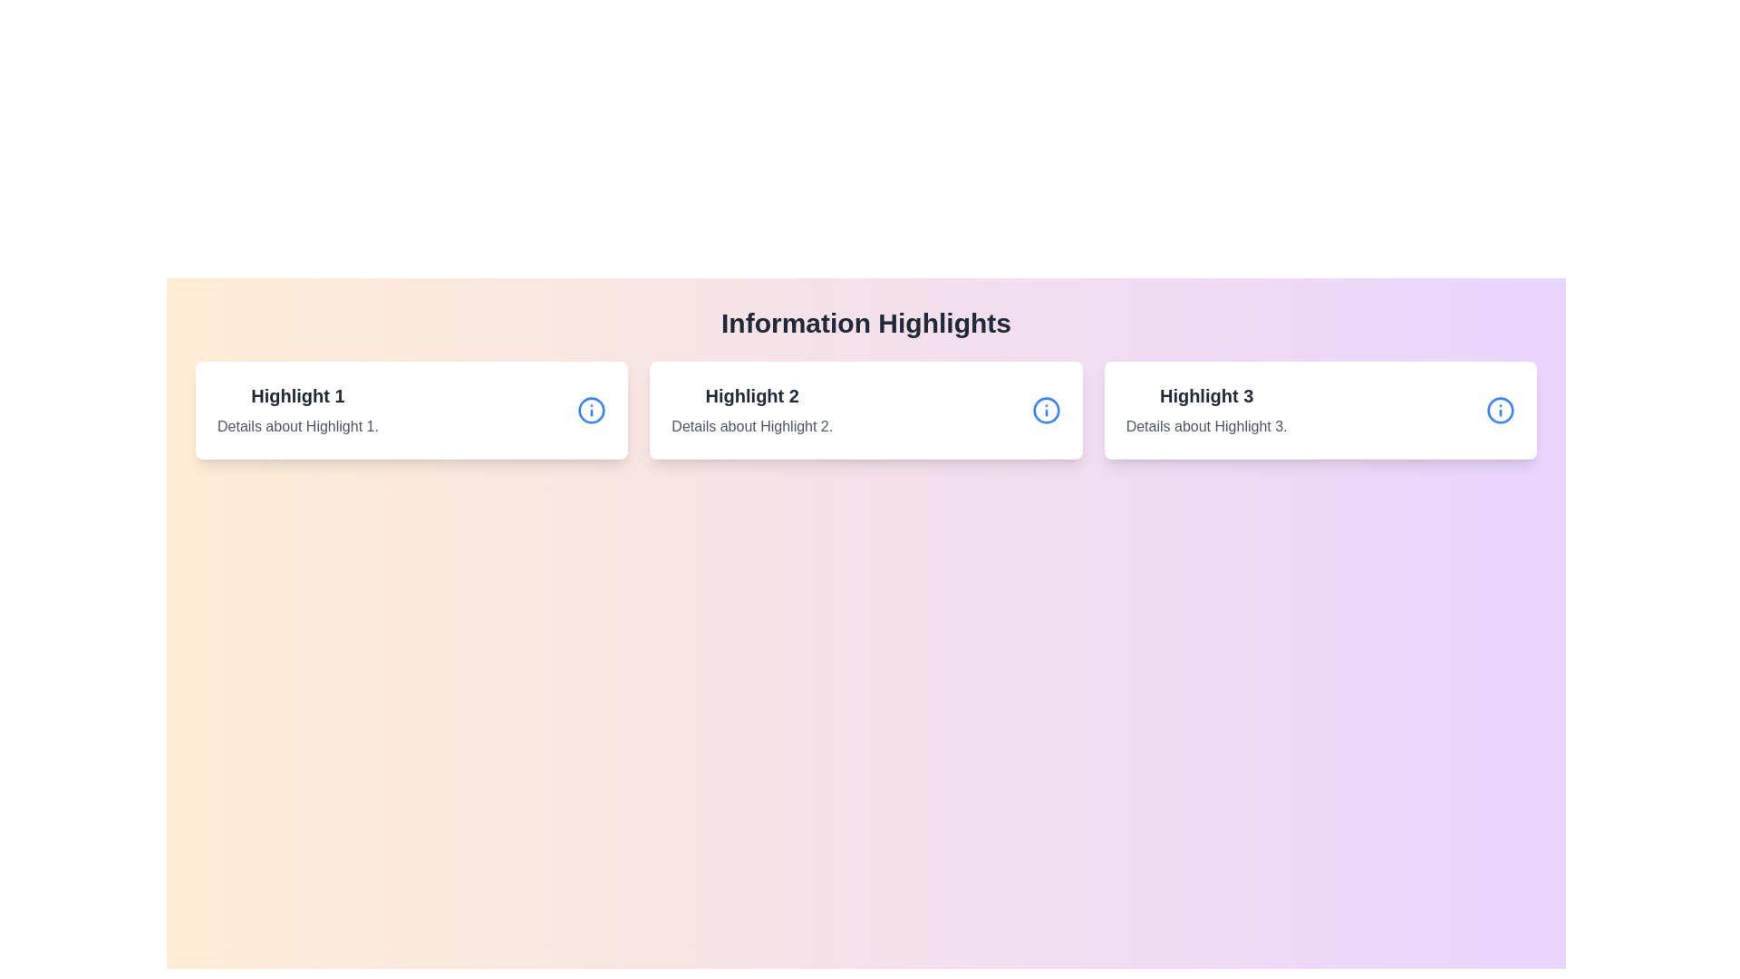 The height and width of the screenshot is (979, 1740). I want to click on text displaying 'Details about Highlight 1.' which is styled in gray font and located below the header 'Highlight 1' in the first card of the horizontally-aligned list, so click(297, 426).